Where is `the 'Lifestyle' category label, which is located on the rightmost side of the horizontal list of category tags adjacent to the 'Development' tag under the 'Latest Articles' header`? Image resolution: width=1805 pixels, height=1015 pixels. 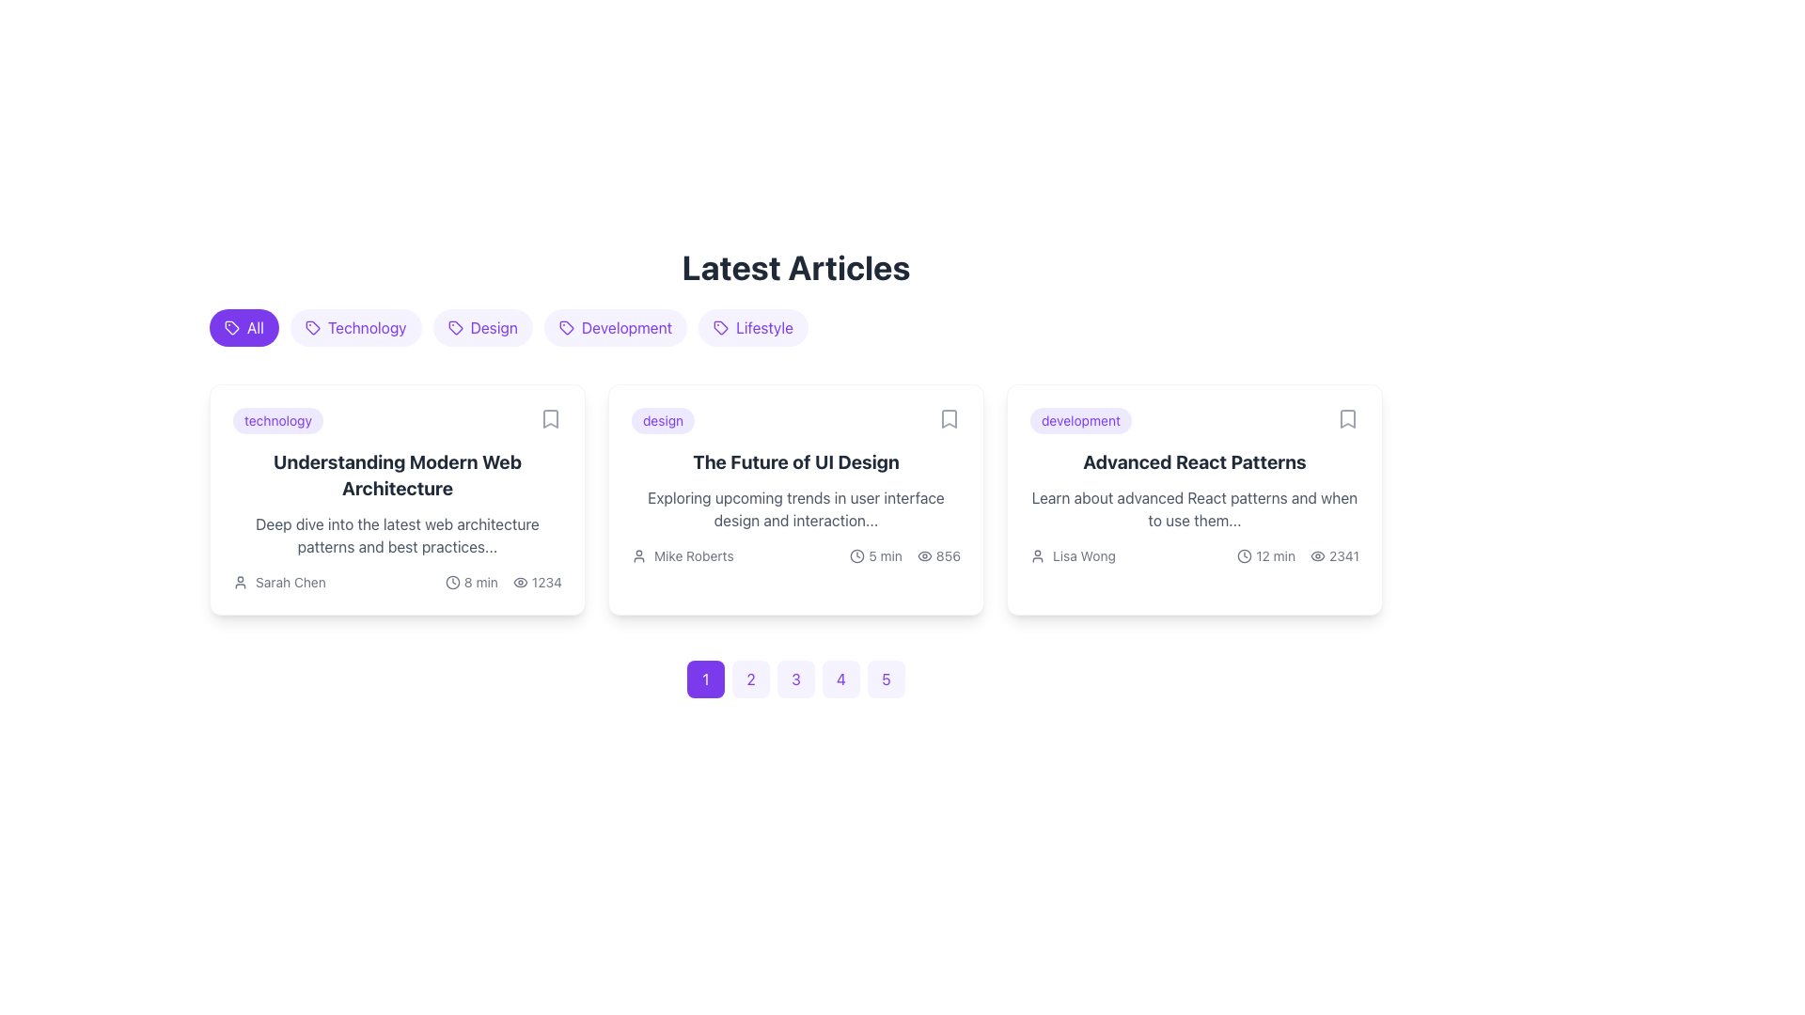 the 'Lifestyle' category label, which is located on the rightmost side of the horizontal list of category tags adjacent to the 'Development' tag under the 'Latest Articles' header is located at coordinates (764, 326).